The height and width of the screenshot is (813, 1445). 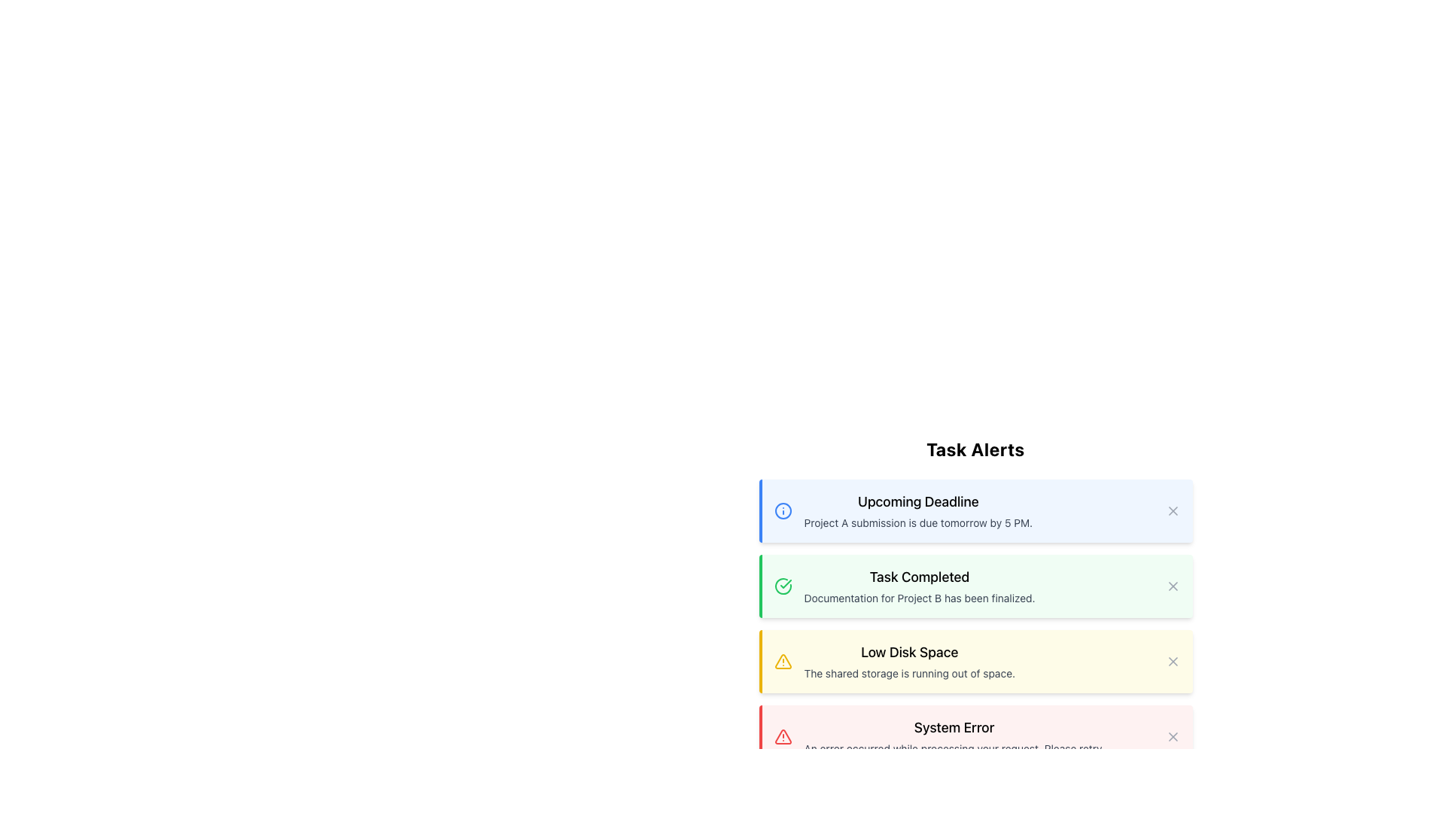 What do you see at coordinates (1172, 661) in the screenshot?
I see `the close button represented by an 'X' icon on the right end of the 'Low Disk Space' alert to change its color` at bounding box center [1172, 661].